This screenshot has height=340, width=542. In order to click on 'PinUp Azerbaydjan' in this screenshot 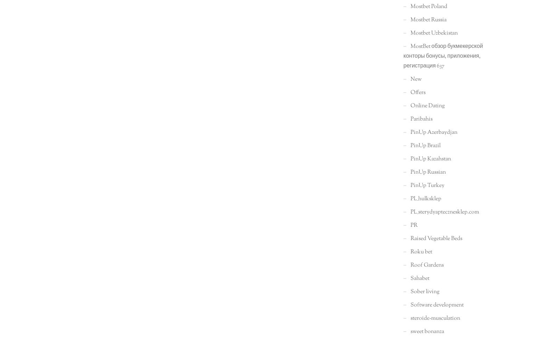, I will do `click(434, 132)`.